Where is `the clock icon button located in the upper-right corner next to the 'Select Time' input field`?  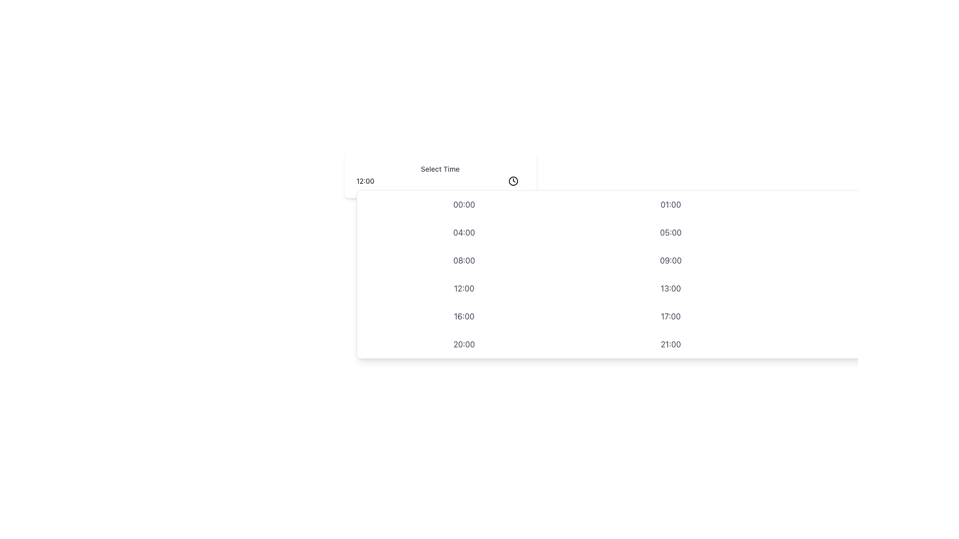 the clock icon button located in the upper-right corner next to the 'Select Time' input field is located at coordinates (513, 181).